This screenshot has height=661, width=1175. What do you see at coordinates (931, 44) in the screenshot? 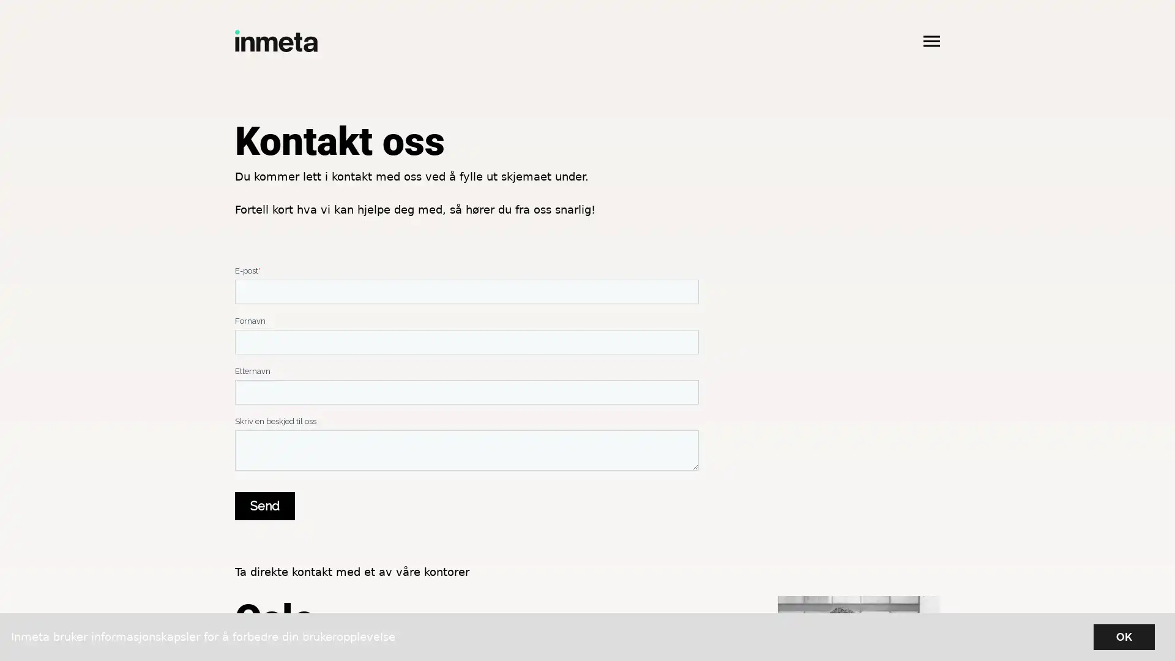
I see `Apne hovedmeny` at bounding box center [931, 44].